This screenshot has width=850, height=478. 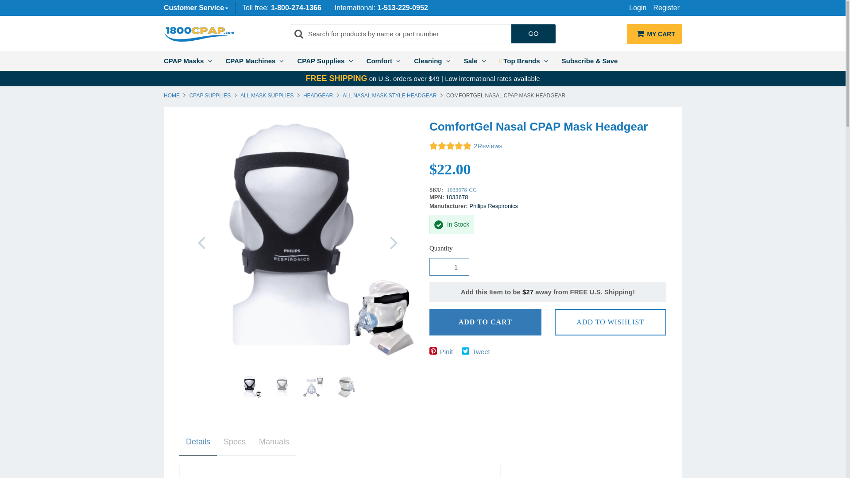 What do you see at coordinates (234, 442) in the screenshot?
I see `'Specs'` at bounding box center [234, 442].